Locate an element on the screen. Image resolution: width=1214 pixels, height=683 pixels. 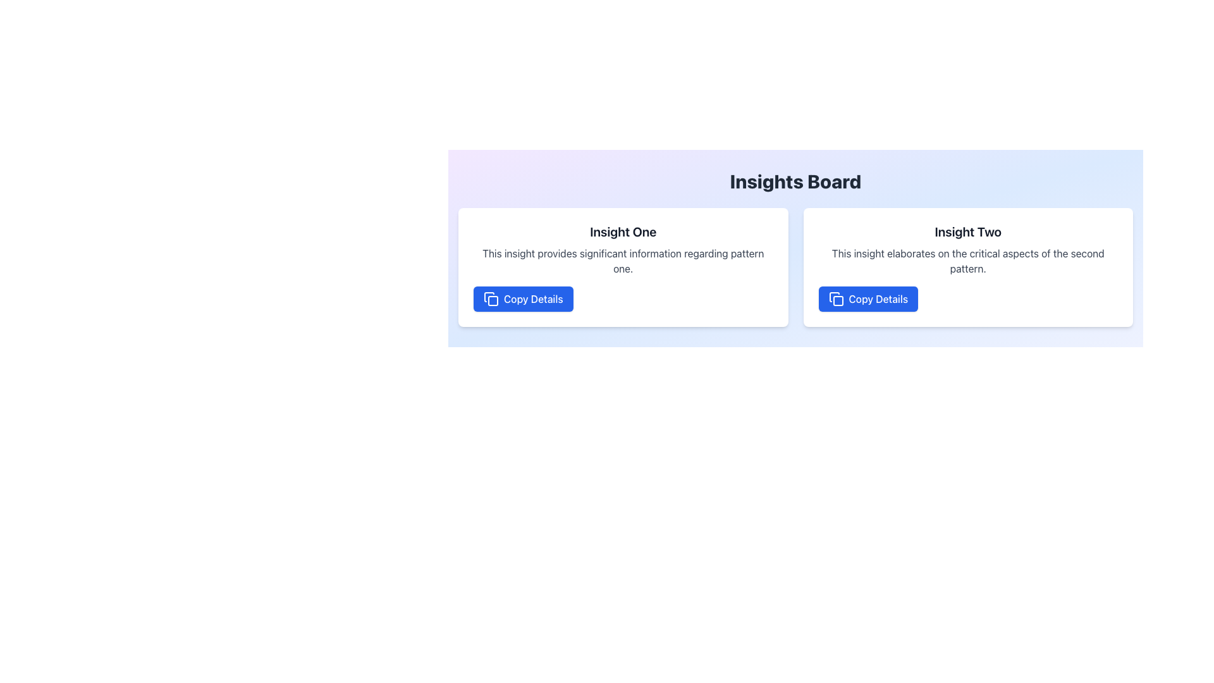
the centered header with the text 'Insights Board' in bold, extra-large font, located at the top of the section above the grid of insights is located at coordinates (795, 181).